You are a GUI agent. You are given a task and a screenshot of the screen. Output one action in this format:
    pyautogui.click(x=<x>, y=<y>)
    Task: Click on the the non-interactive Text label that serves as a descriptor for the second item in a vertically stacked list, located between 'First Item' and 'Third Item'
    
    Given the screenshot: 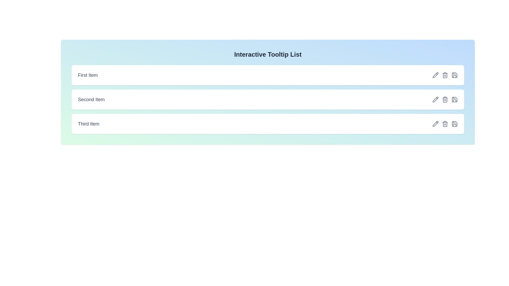 What is the action you would take?
    pyautogui.click(x=91, y=99)
    